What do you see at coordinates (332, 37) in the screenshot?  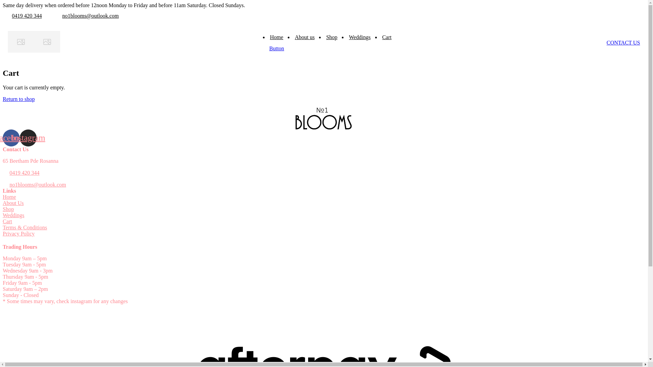 I see `'Shop'` at bounding box center [332, 37].